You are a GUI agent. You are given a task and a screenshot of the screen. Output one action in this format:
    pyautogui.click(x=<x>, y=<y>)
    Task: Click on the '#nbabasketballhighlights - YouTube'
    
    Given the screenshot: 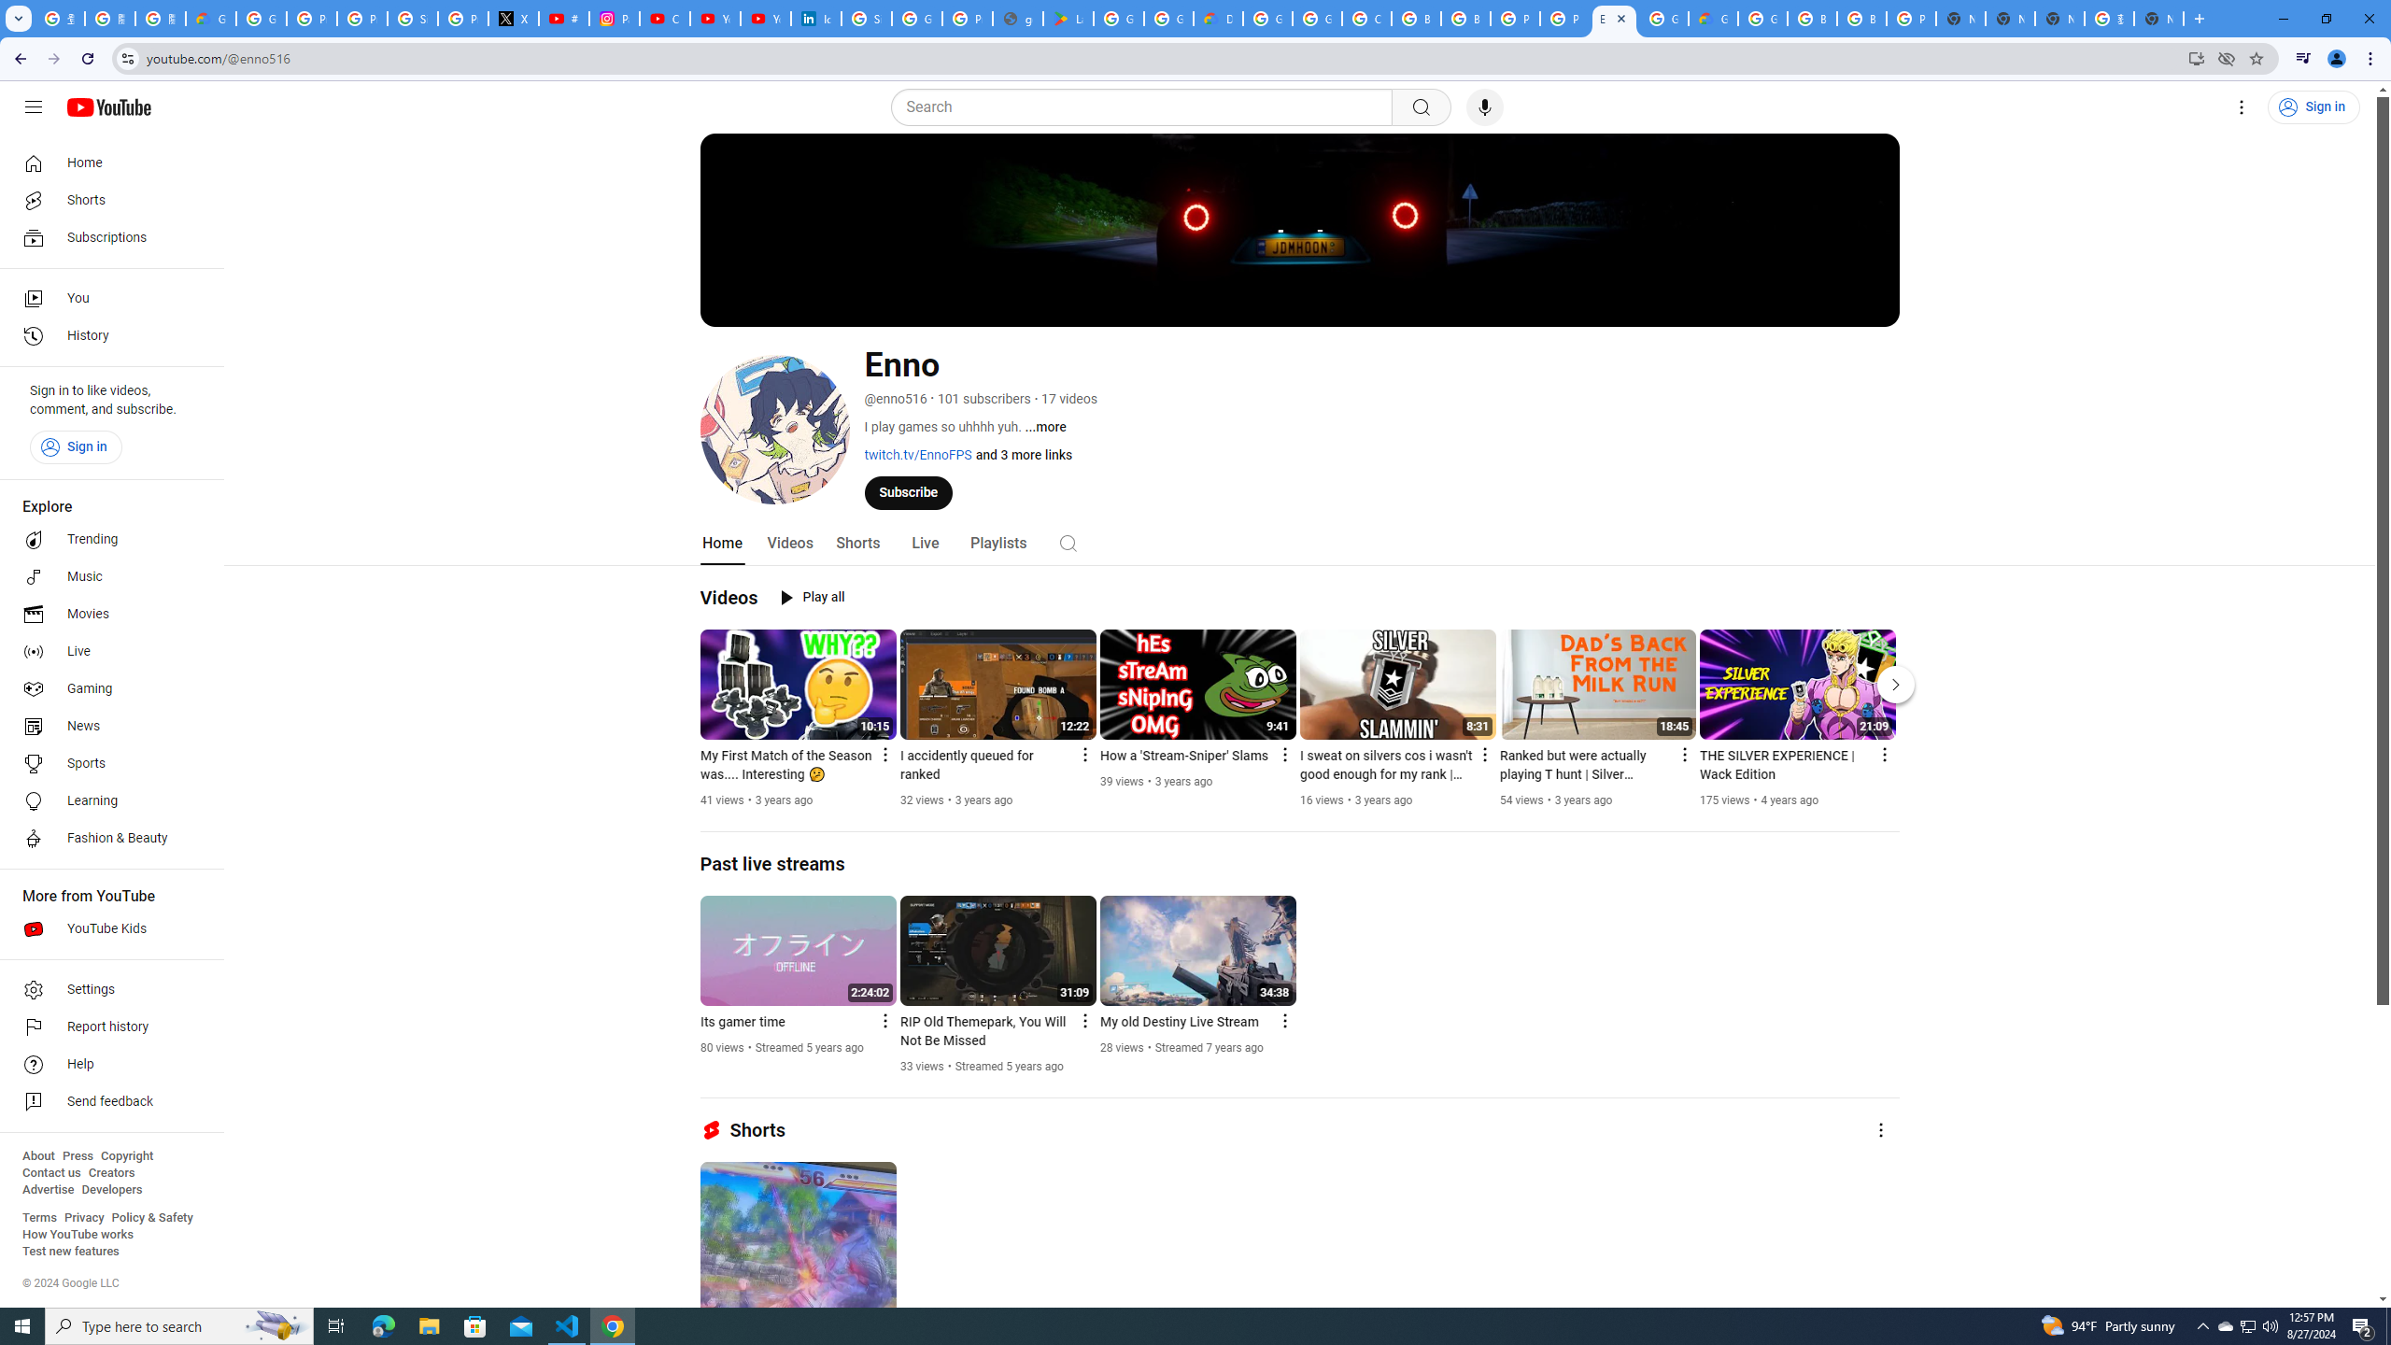 What is the action you would take?
    pyautogui.click(x=563, y=18)
    